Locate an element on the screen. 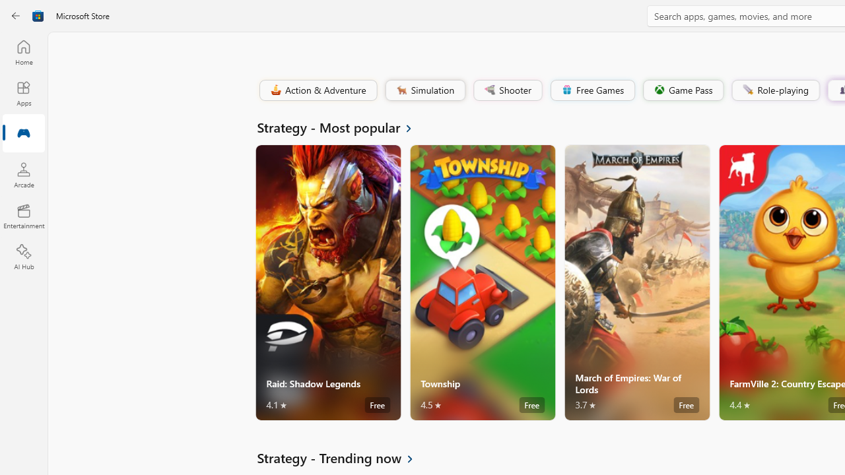 This screenshot has height=475, width=845. 'Gaming' is located at coordinates (23, 134).